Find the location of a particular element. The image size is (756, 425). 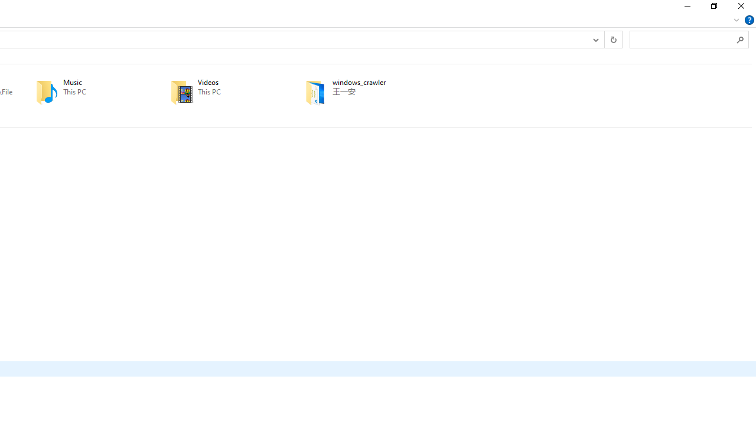

'Search Box' is located at coordinates (683, 38).